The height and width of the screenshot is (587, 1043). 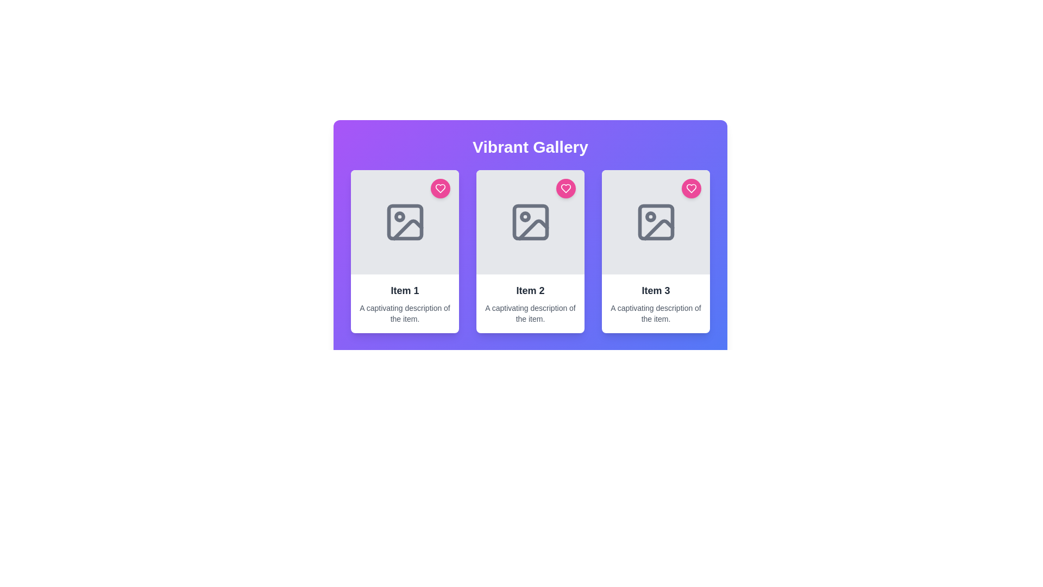 What do you see at coordinates (404, 221) in the screenshot?
I see `the image placeholder located` at bounding box center [404, 221].